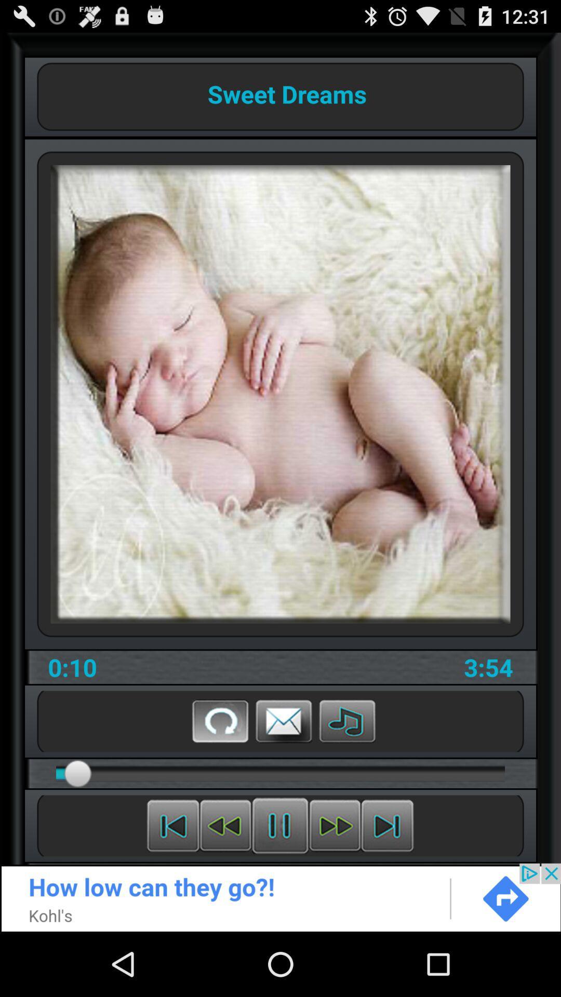 This screenshot has height=997, width=561. Describe the element at coordinates (279, 825) in the screenshot. I see `pause button in the video` at that location.